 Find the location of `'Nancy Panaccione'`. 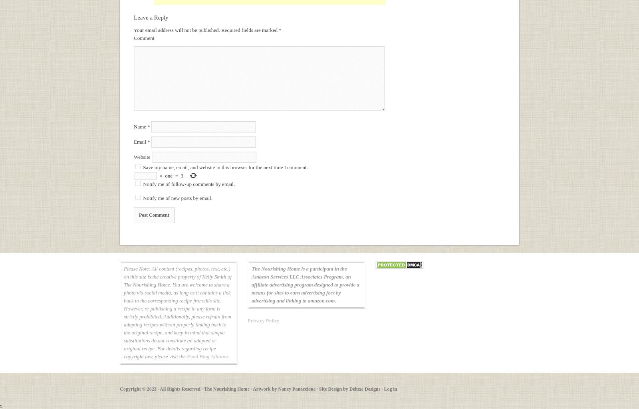

'Nancy Panaccione' is located at coordinates (297, 389).